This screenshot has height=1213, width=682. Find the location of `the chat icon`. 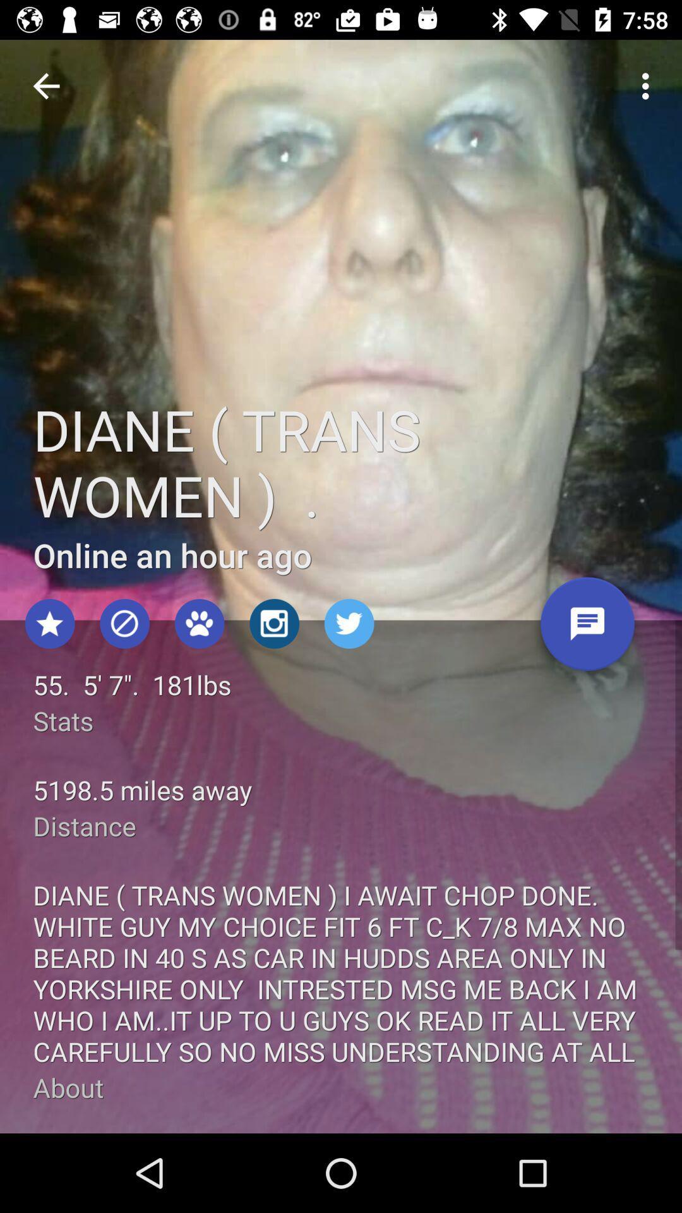

the chat icon is located at coordinates (587, 629).